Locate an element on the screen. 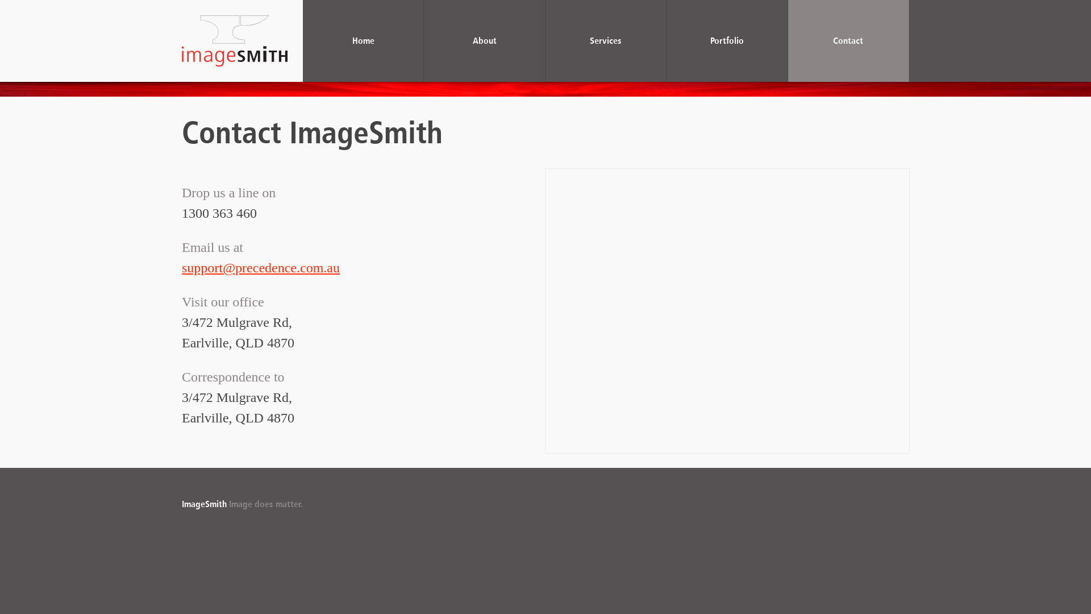 The width and height of the screenshot is (1091, 614). 'Services' is located at coordinates (605, 40).